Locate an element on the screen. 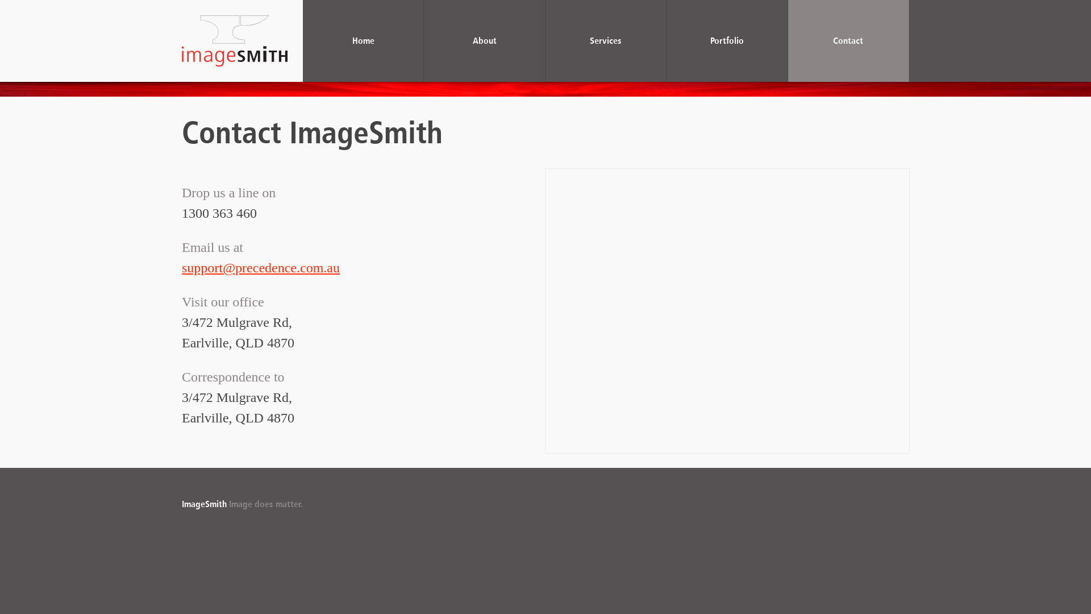 The width and height of the screenshot is (1091, 614). 'Services' is located at coordinates (605, 40).